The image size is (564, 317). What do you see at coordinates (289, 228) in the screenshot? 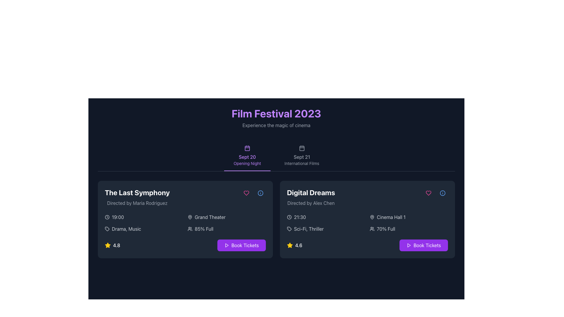
I see `the tag symbol icon with a gray stroke outline located near the text 'Sci-Fi, Thriller' in the metadata section for the movie 'Digital Dreams'` at bounding box center [289, 228].